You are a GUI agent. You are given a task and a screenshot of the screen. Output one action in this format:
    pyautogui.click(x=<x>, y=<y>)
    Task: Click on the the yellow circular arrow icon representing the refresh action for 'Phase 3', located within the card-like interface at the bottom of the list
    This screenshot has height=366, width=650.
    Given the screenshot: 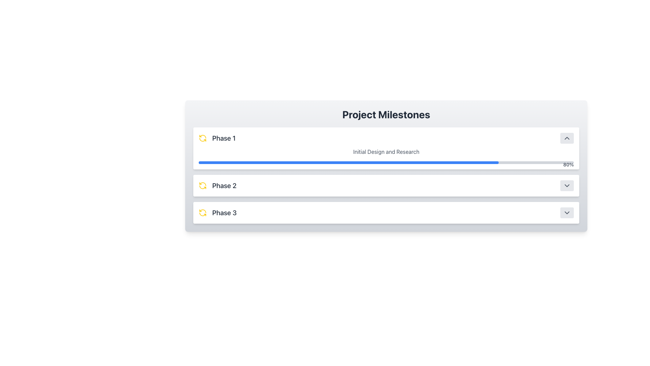 What is the action you would take?
    pyautogui.click(x=202, y=212)
    